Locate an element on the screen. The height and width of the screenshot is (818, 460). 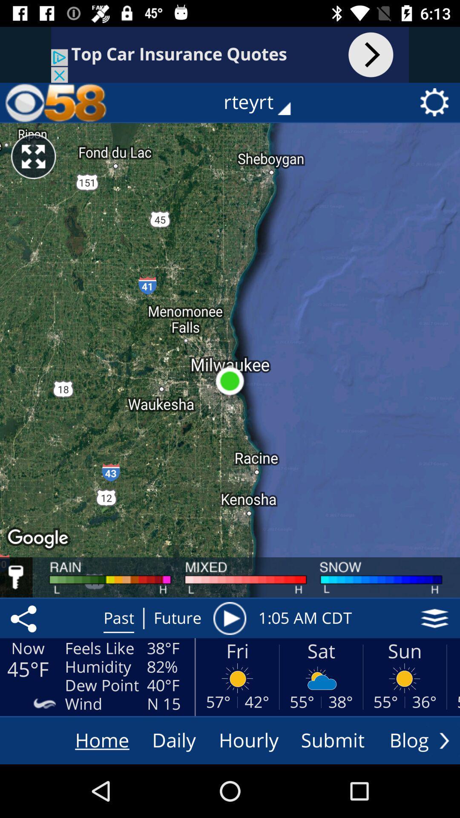
the icon above fri item is located at coordinates (229, 618).